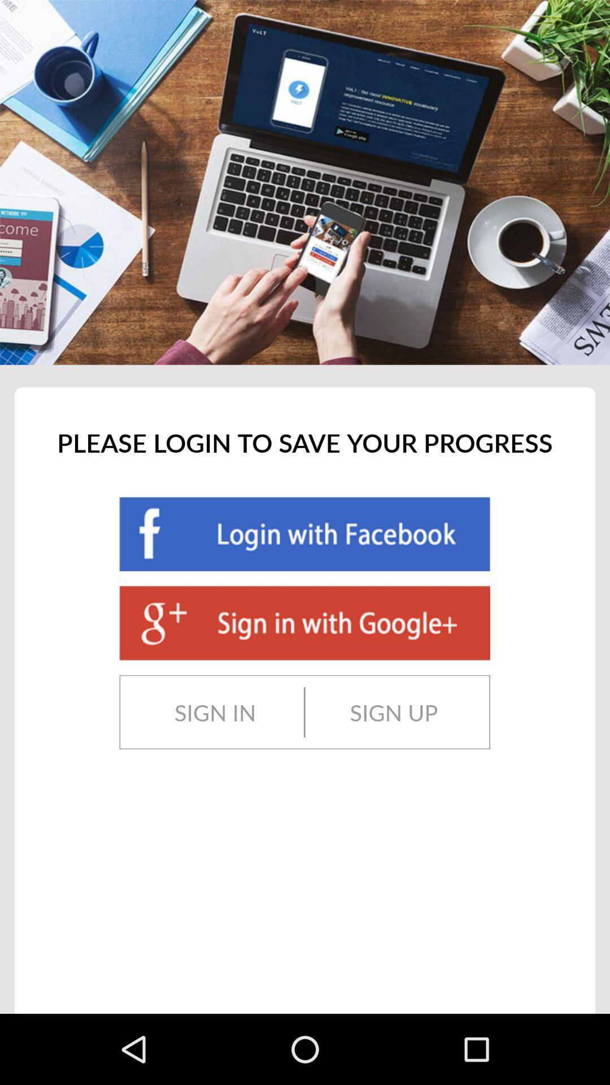  I want to click on icon above the sign in item, so click(304, 622).